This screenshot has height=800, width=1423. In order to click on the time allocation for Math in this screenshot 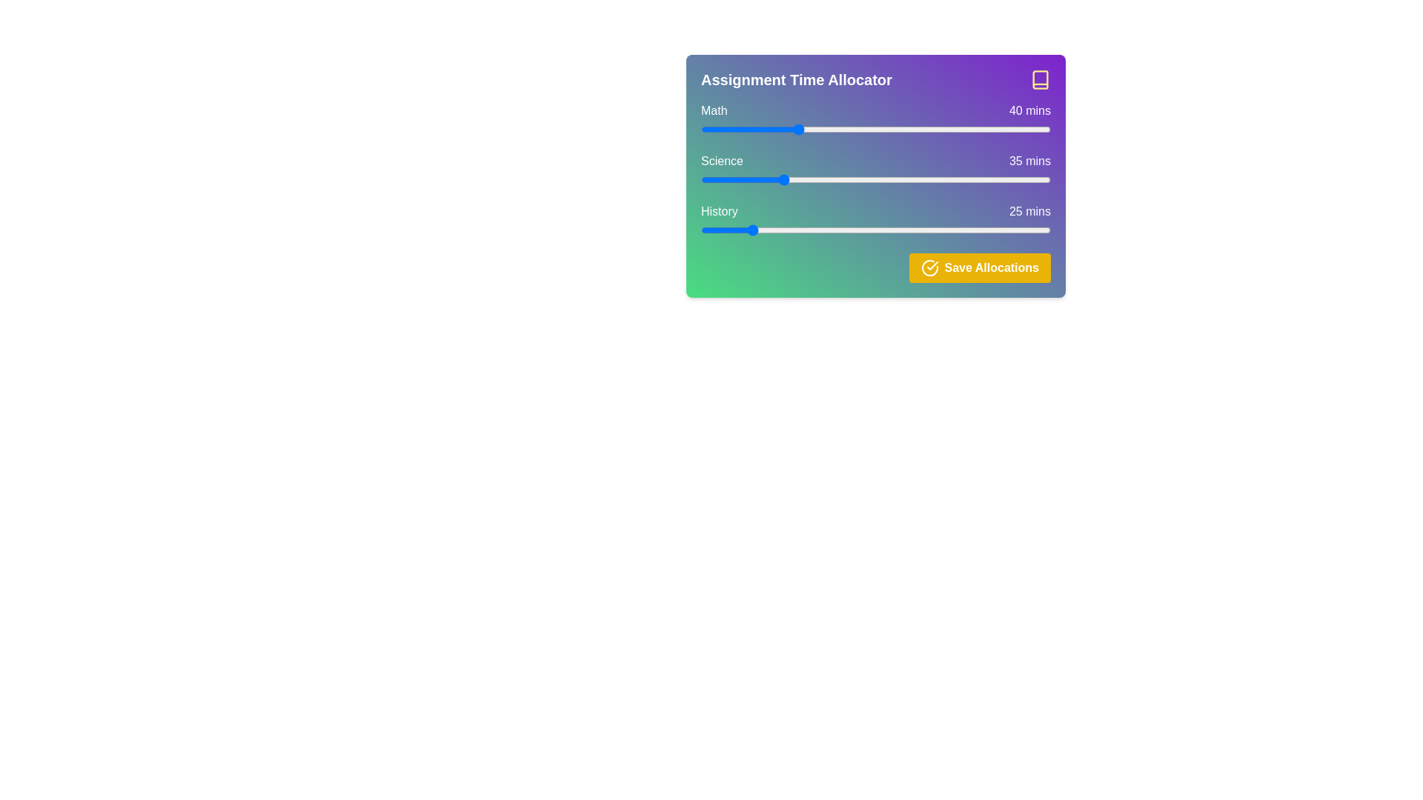, I will do `click(764, 128)`.